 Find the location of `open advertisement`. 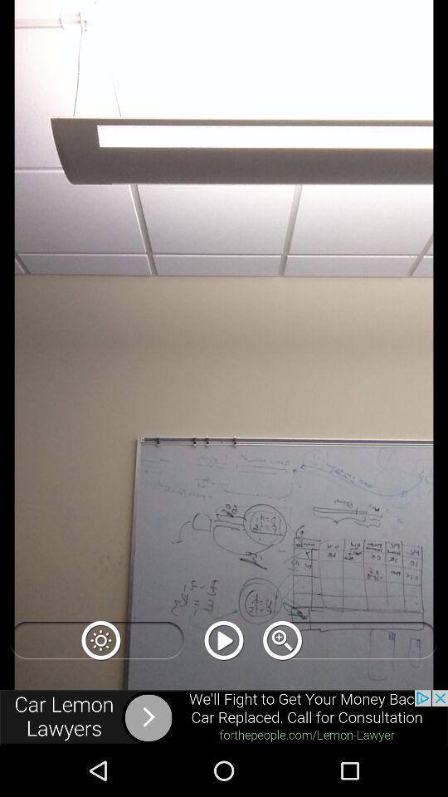

open advertisement is located at coordinates (224, 716).